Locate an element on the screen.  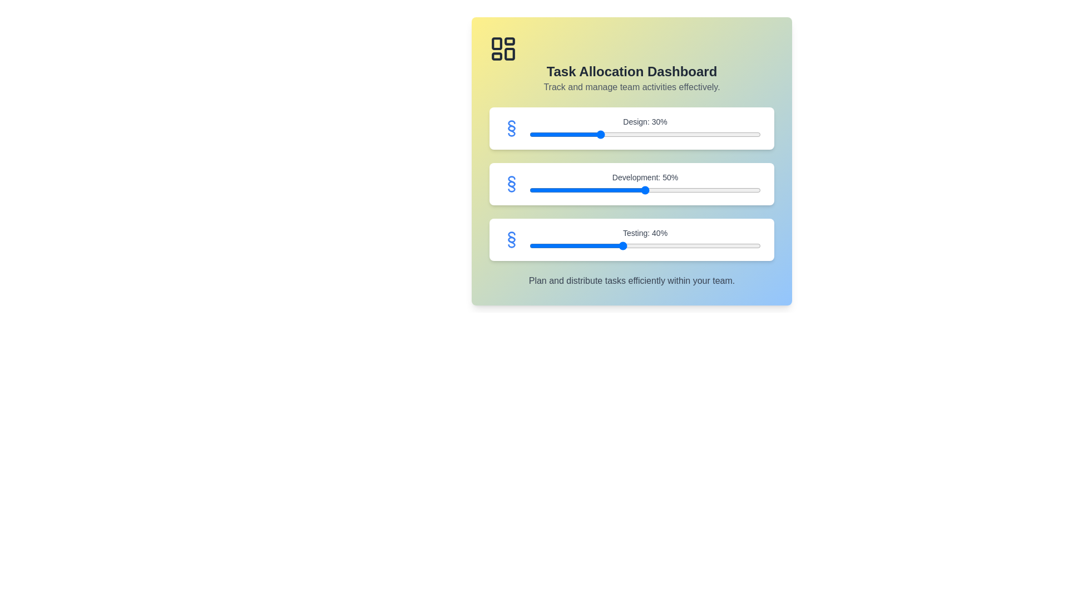
the Task Allocation Dashboard header icon is located at coordinates (503, 48).